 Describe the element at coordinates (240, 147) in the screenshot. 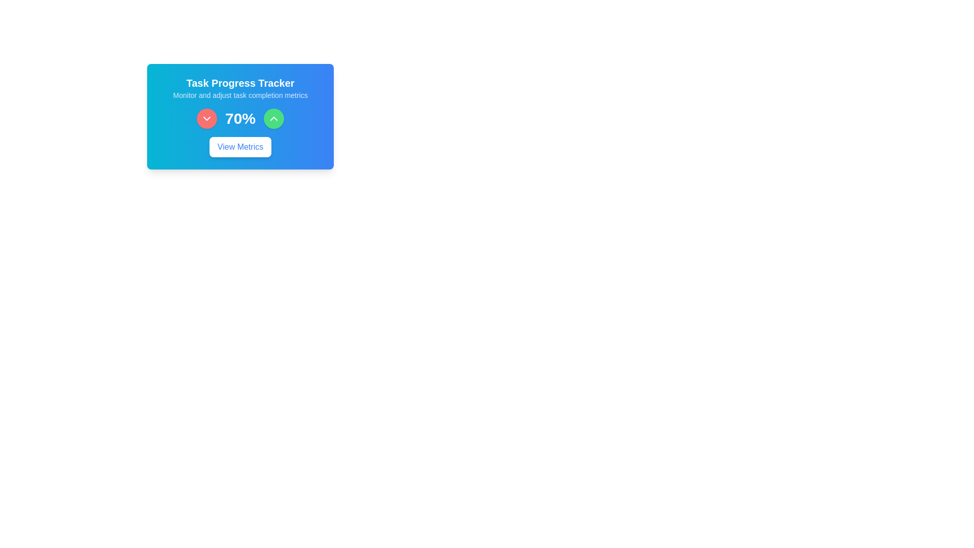

I see `the button located at the bottom of the task progress card` at that location.